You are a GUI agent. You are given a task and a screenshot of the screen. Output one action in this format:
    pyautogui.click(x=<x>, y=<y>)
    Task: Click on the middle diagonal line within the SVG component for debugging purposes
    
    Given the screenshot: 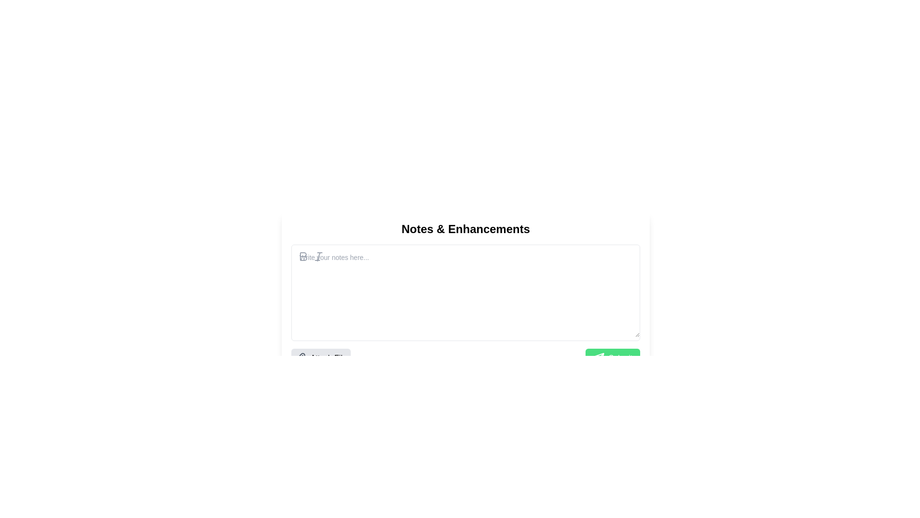 What is the action you would take?
    pyautogui.click(x=319, y=256)
    